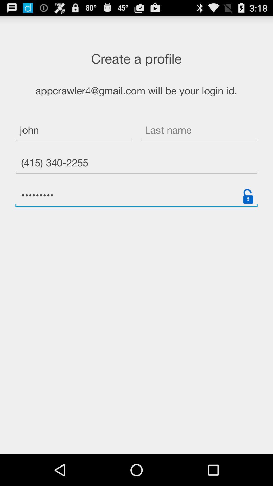 The height and width of the screenshot is (486, 273). Describe the element at coordinates (199, 131) in the screenshot. I see `icon next to the john item` at that location.